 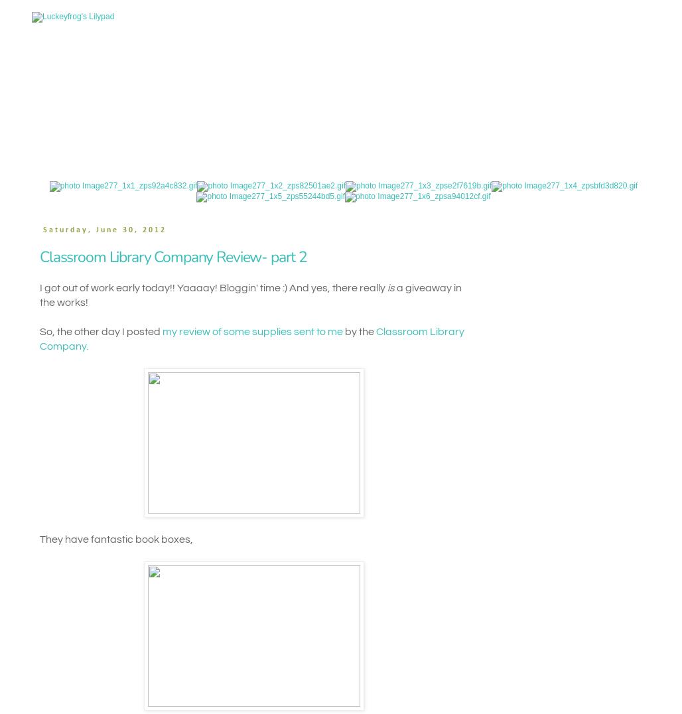 What do you see at coordinates (251, 331) in the screenshot?
I see `'my review of some supplies sent to me'` at bounding box center [251, 331].